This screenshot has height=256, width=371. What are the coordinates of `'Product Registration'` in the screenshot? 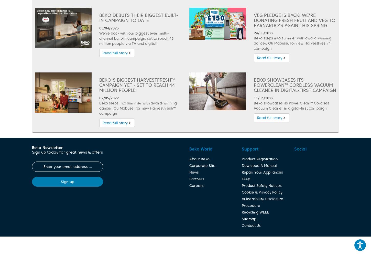 It's located at (241, 158).